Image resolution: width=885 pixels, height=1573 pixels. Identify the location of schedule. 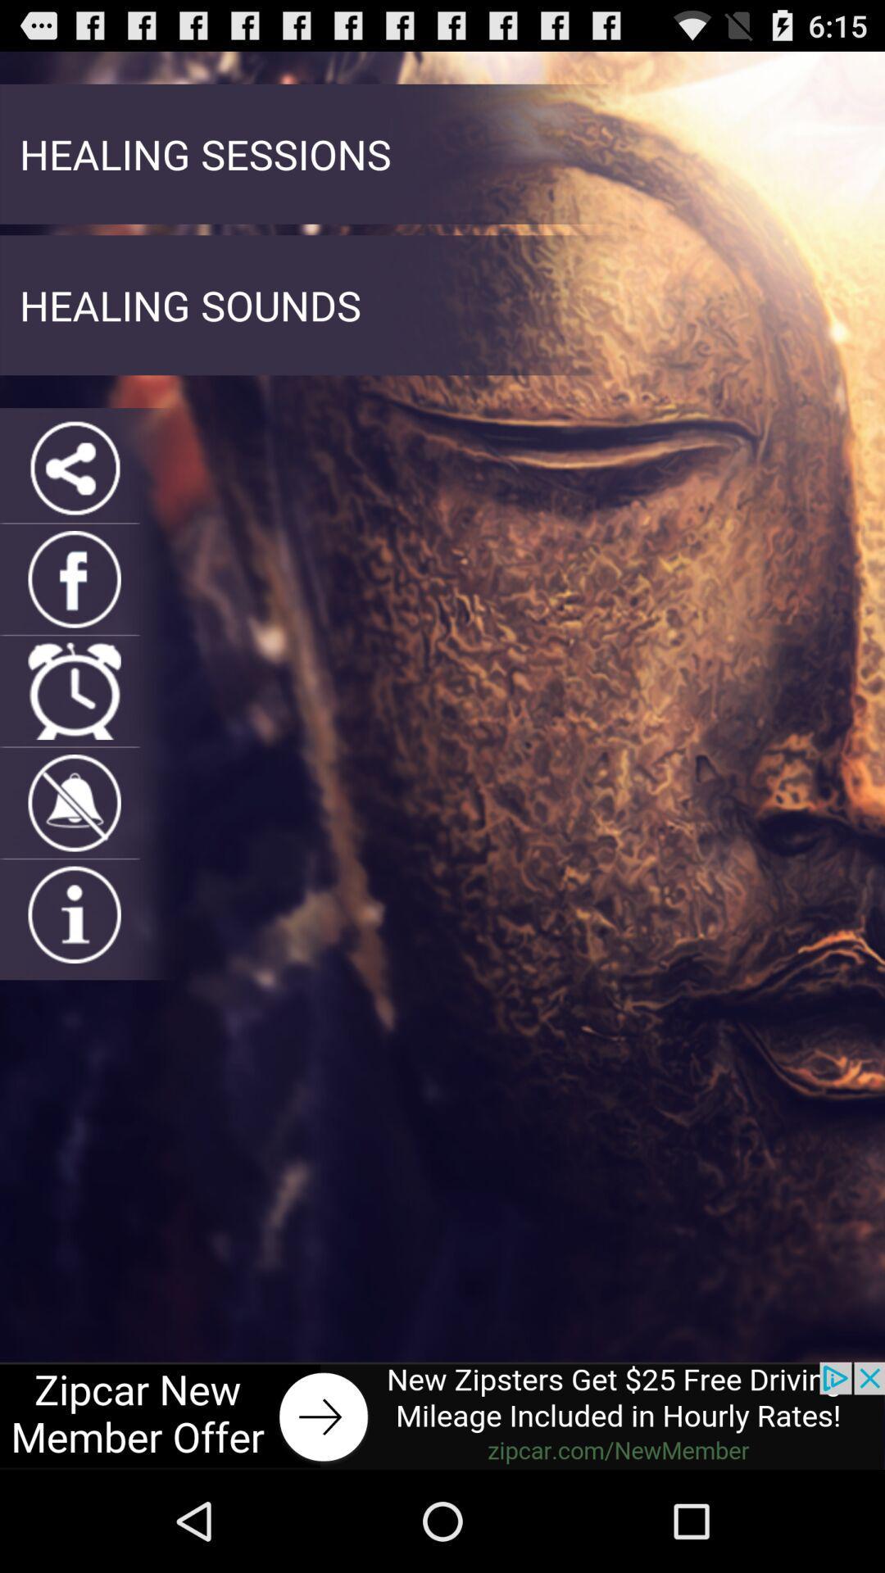
(75, 691).